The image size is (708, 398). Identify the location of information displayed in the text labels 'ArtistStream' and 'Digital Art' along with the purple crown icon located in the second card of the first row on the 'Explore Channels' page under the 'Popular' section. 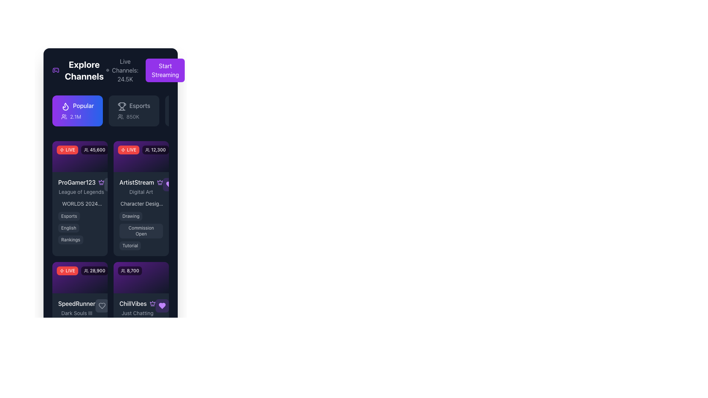
(141, 186).